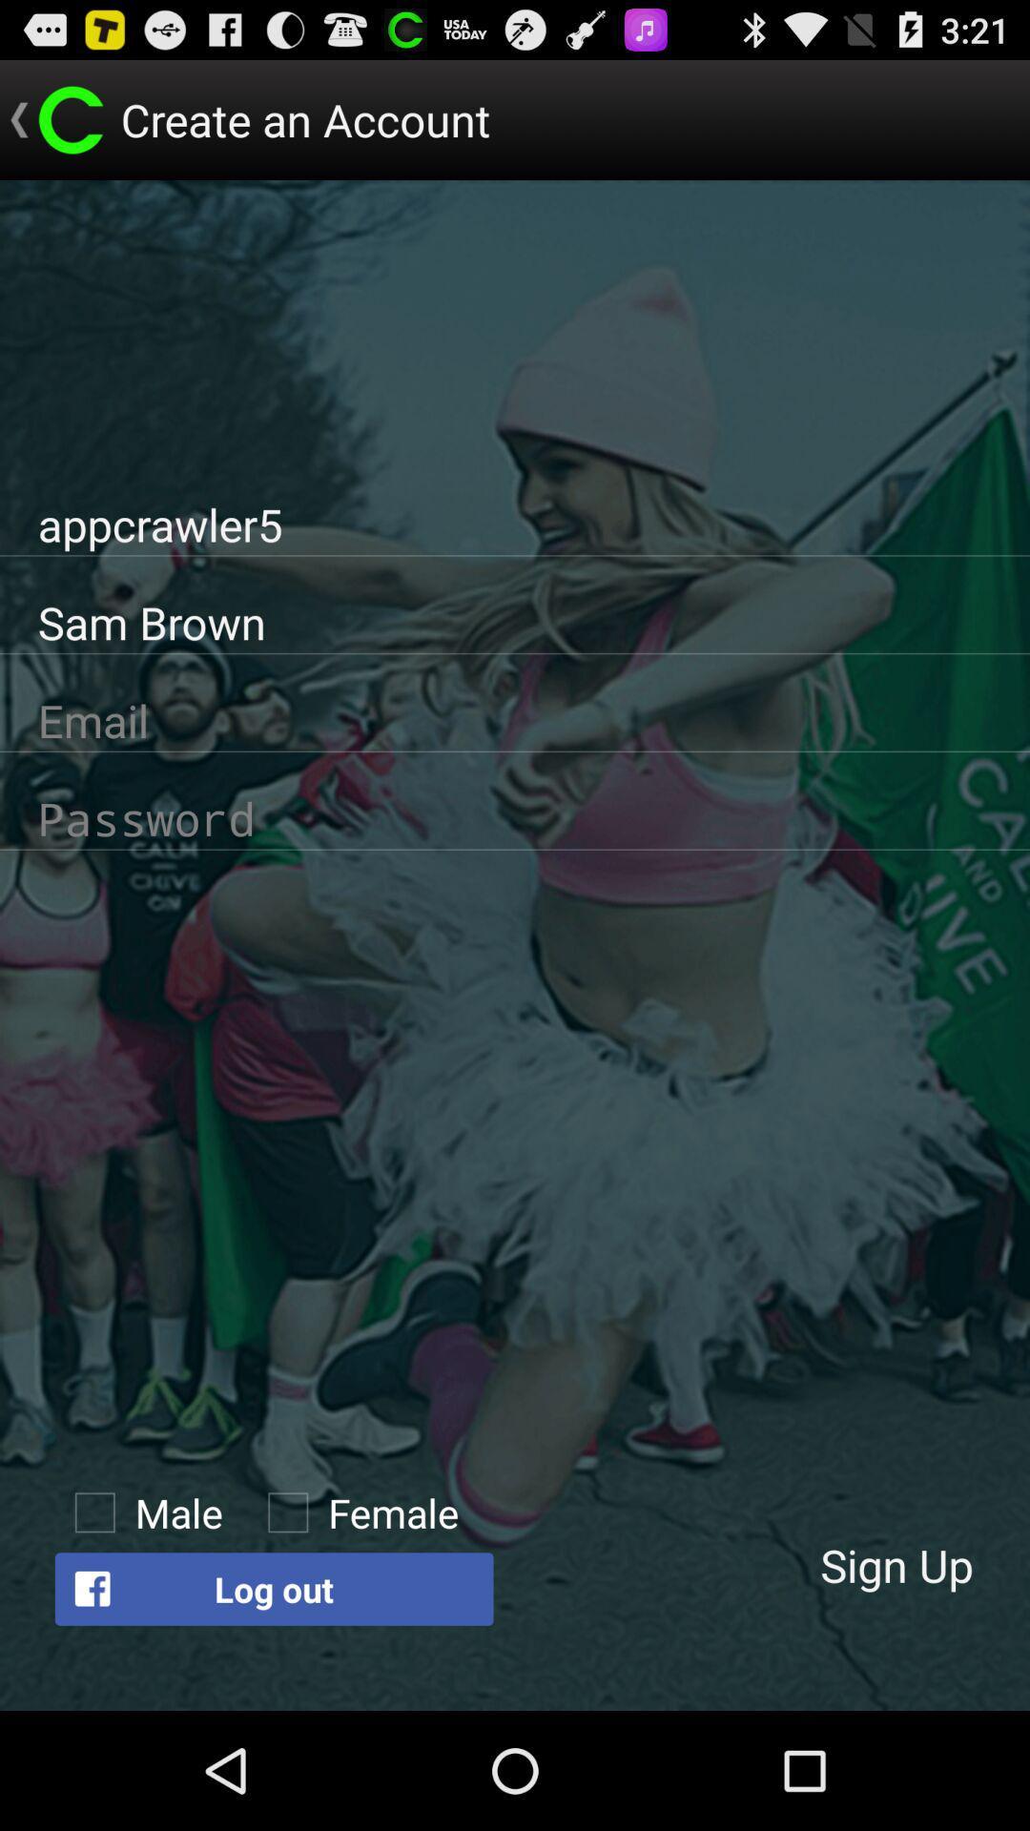 This screenshot has width=1030, height=1831. What do you see at coordinates (515, 818) in the screenshot?
I see `password page` at bounding box center [515, 818].